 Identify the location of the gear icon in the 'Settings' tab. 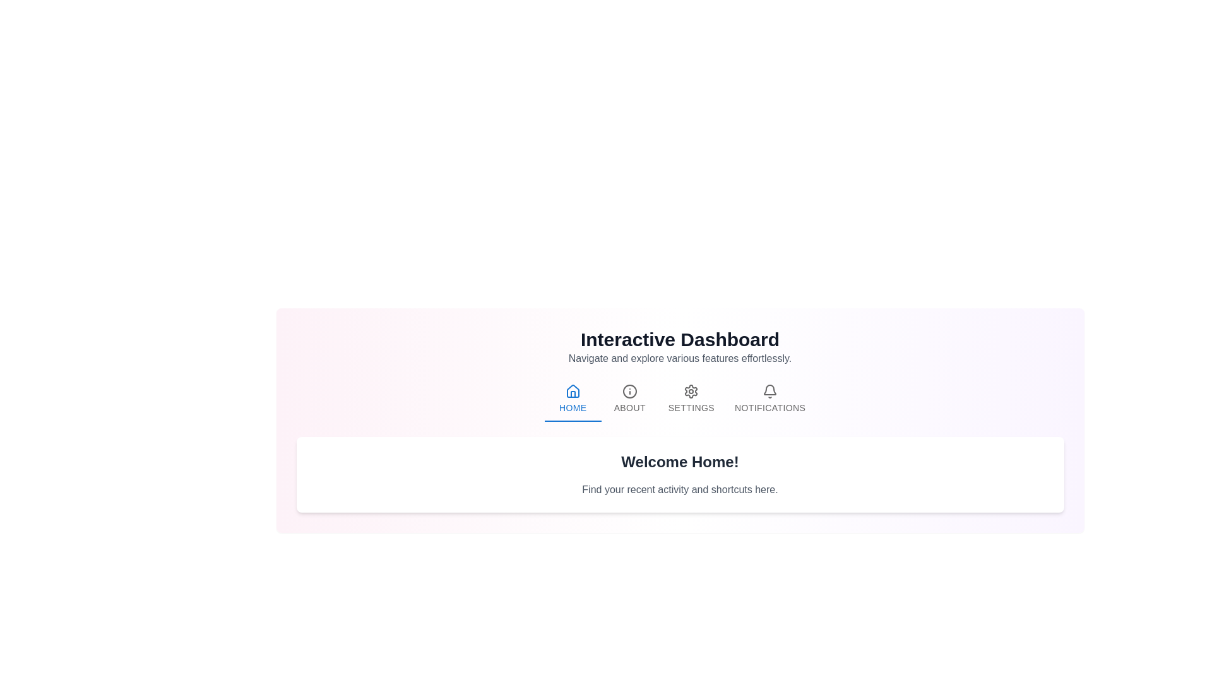
(691, 391).